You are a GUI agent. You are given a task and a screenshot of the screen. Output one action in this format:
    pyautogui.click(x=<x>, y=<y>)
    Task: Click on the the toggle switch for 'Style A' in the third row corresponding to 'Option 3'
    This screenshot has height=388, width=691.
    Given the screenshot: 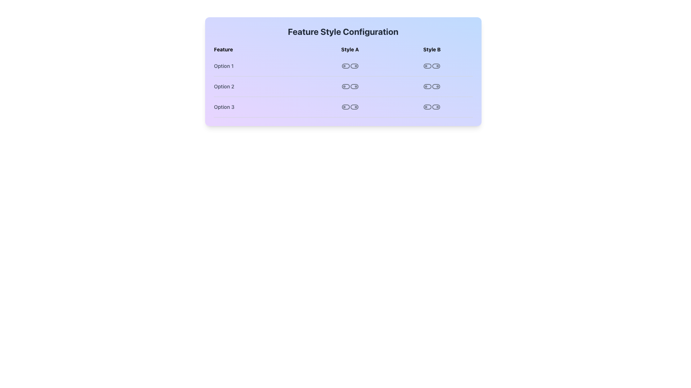 What is the action you would take?
    pyautogui.click(x=354, y=107)
    